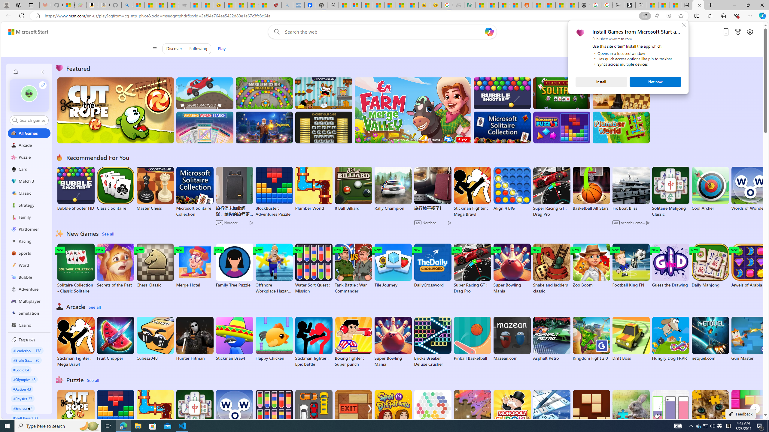  Describe the element at coordinates (115, 265) in the screenshot. I see `'Secrets of the Past'` at that location.